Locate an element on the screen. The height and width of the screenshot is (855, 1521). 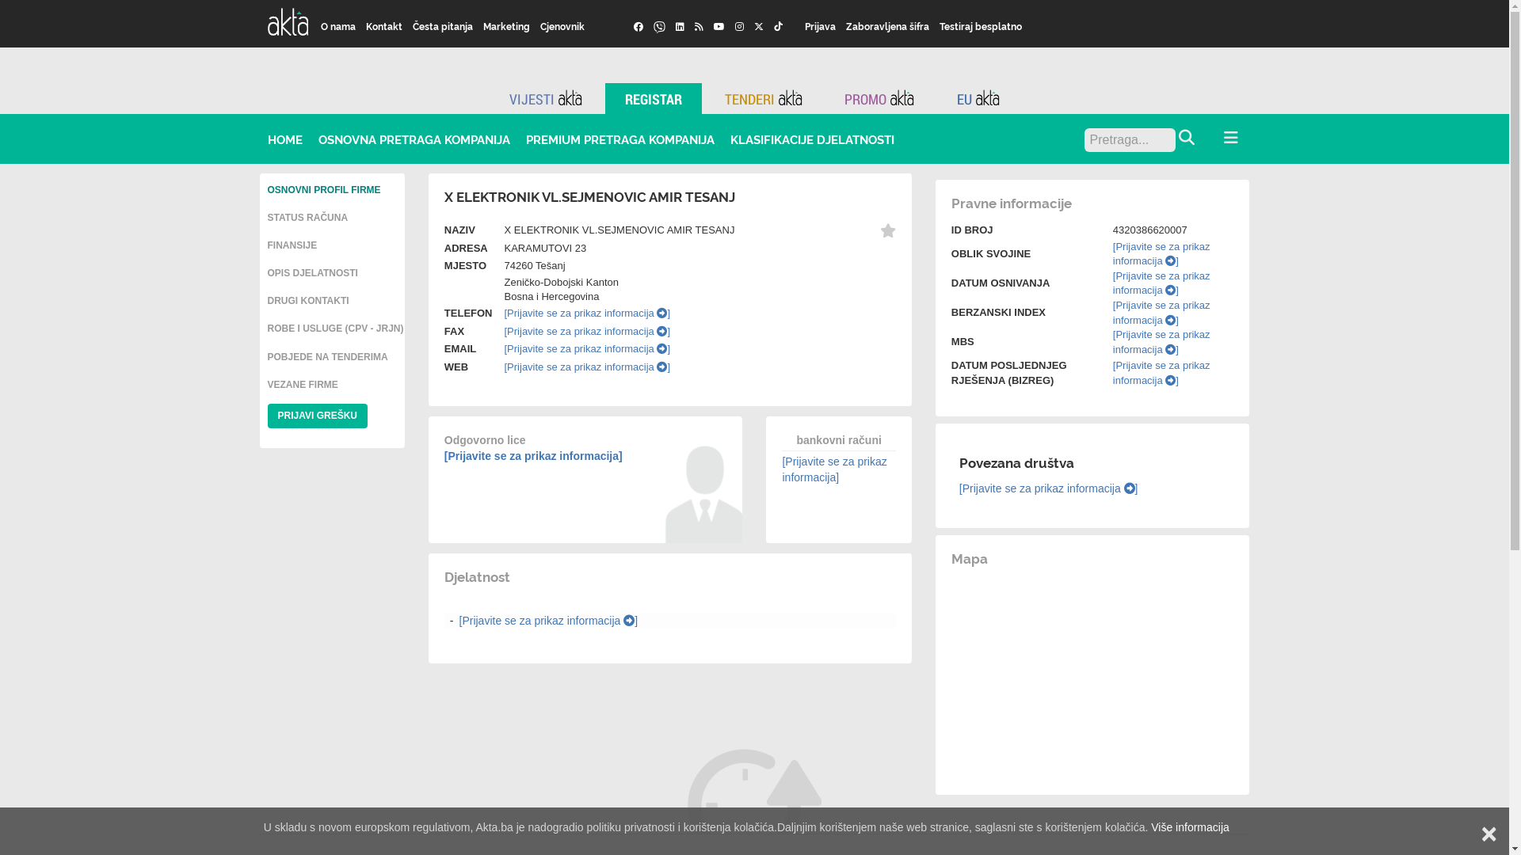
'PREMIUM PRETRAGA KOMPANIJA' is located at coordinates (619, 139).